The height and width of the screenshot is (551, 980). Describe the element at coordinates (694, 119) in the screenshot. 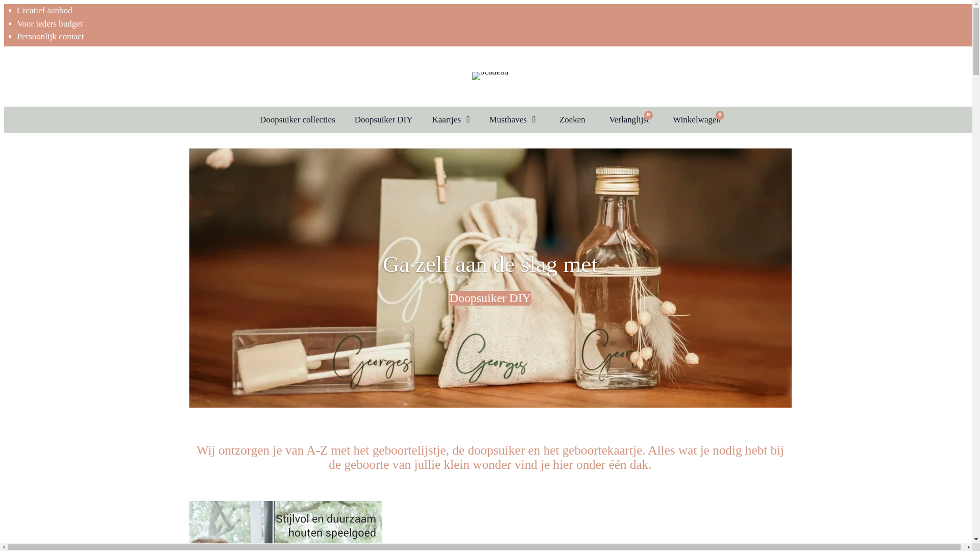

I see `'0` at that location.